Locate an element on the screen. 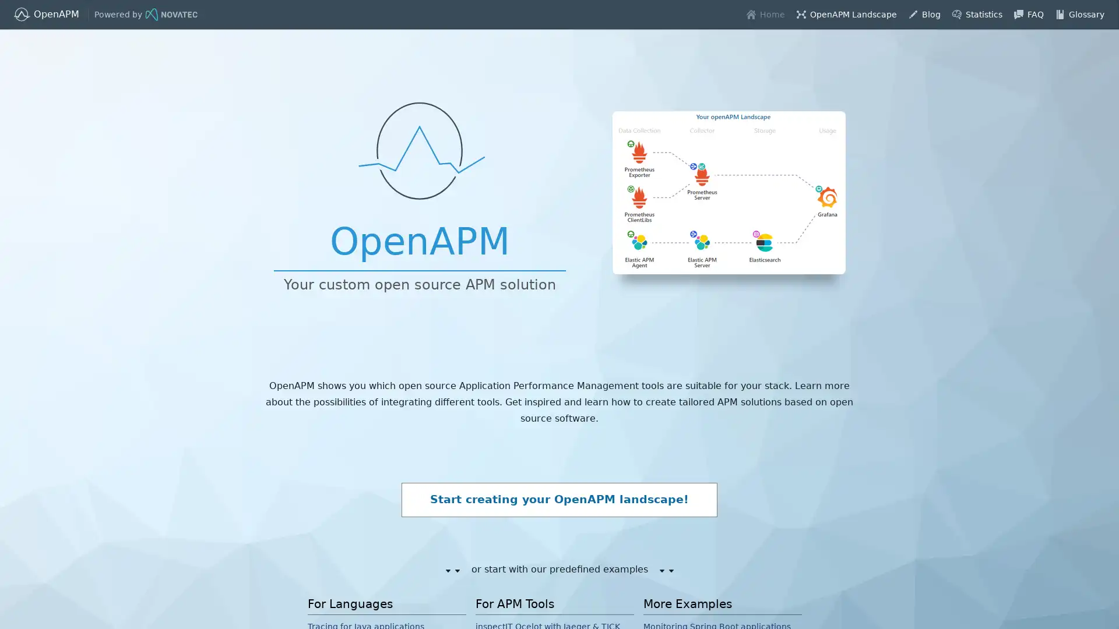 Image resolution: width=1119 pixels, height=629 pixels. book Glossary is located at coordinates (1079, 14).